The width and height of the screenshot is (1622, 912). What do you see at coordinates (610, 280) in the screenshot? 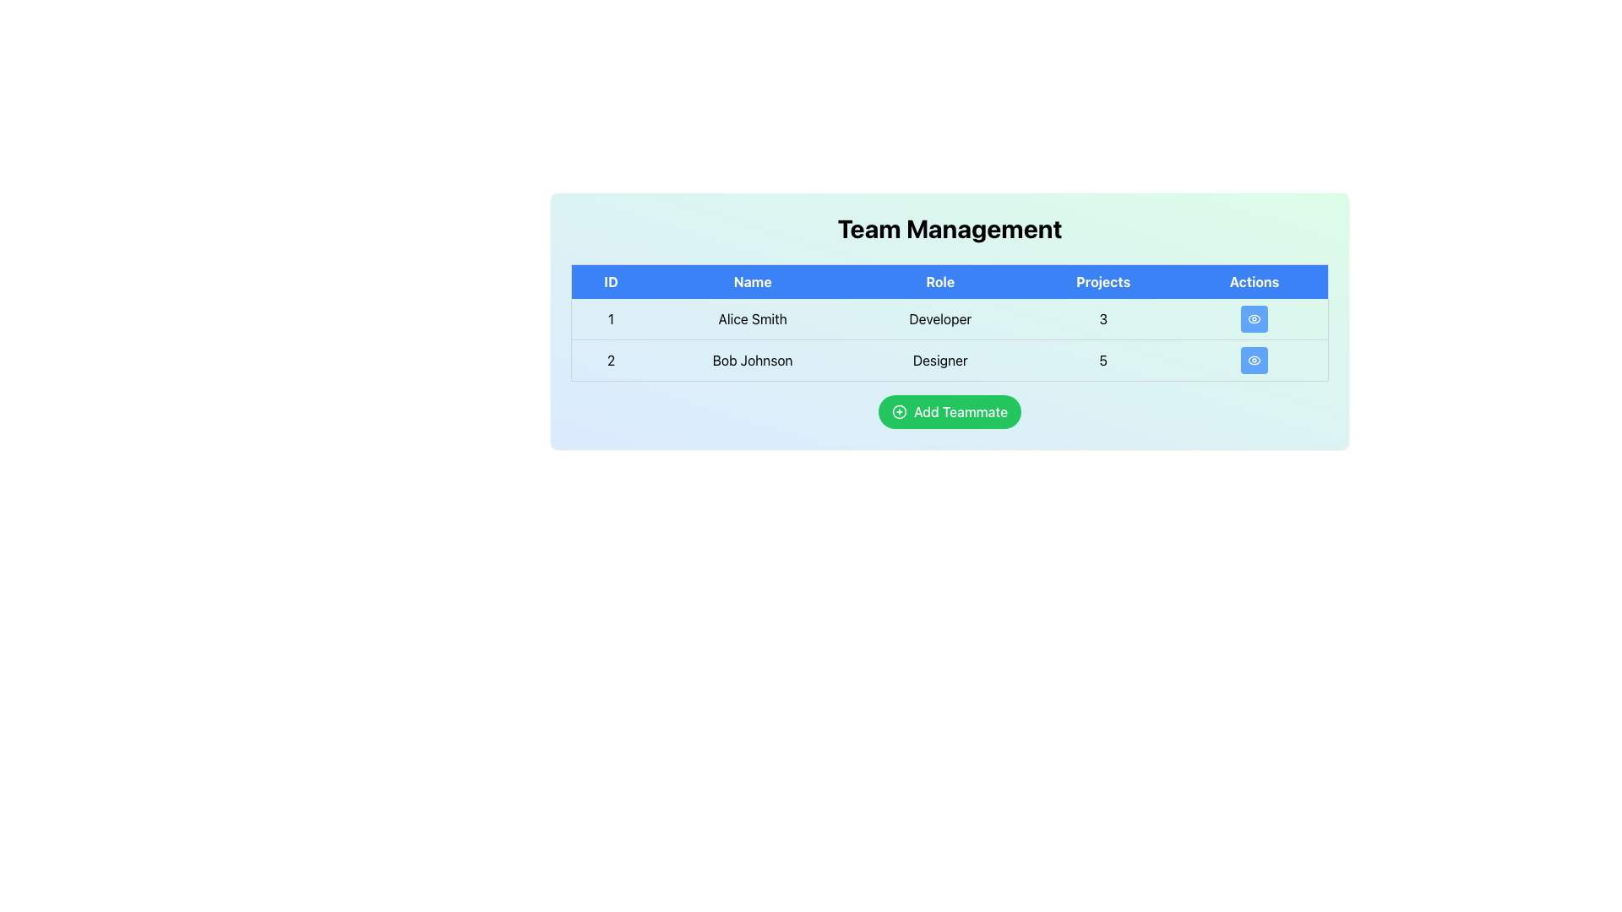
I see `the Table Header Cell with blue background and white text labeled 'ID', located at the far-left of the table header row` at bounding box center [610, 280].